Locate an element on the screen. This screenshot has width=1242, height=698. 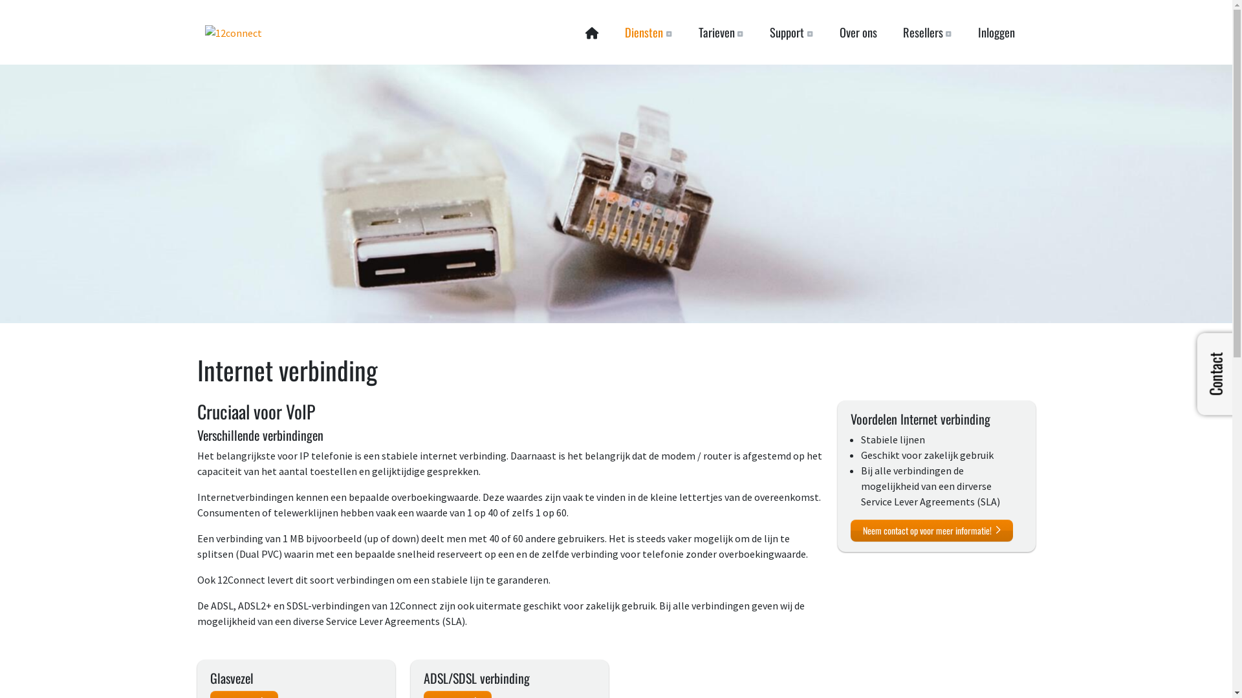
'Resellers' is located at coordinates (926, 32).